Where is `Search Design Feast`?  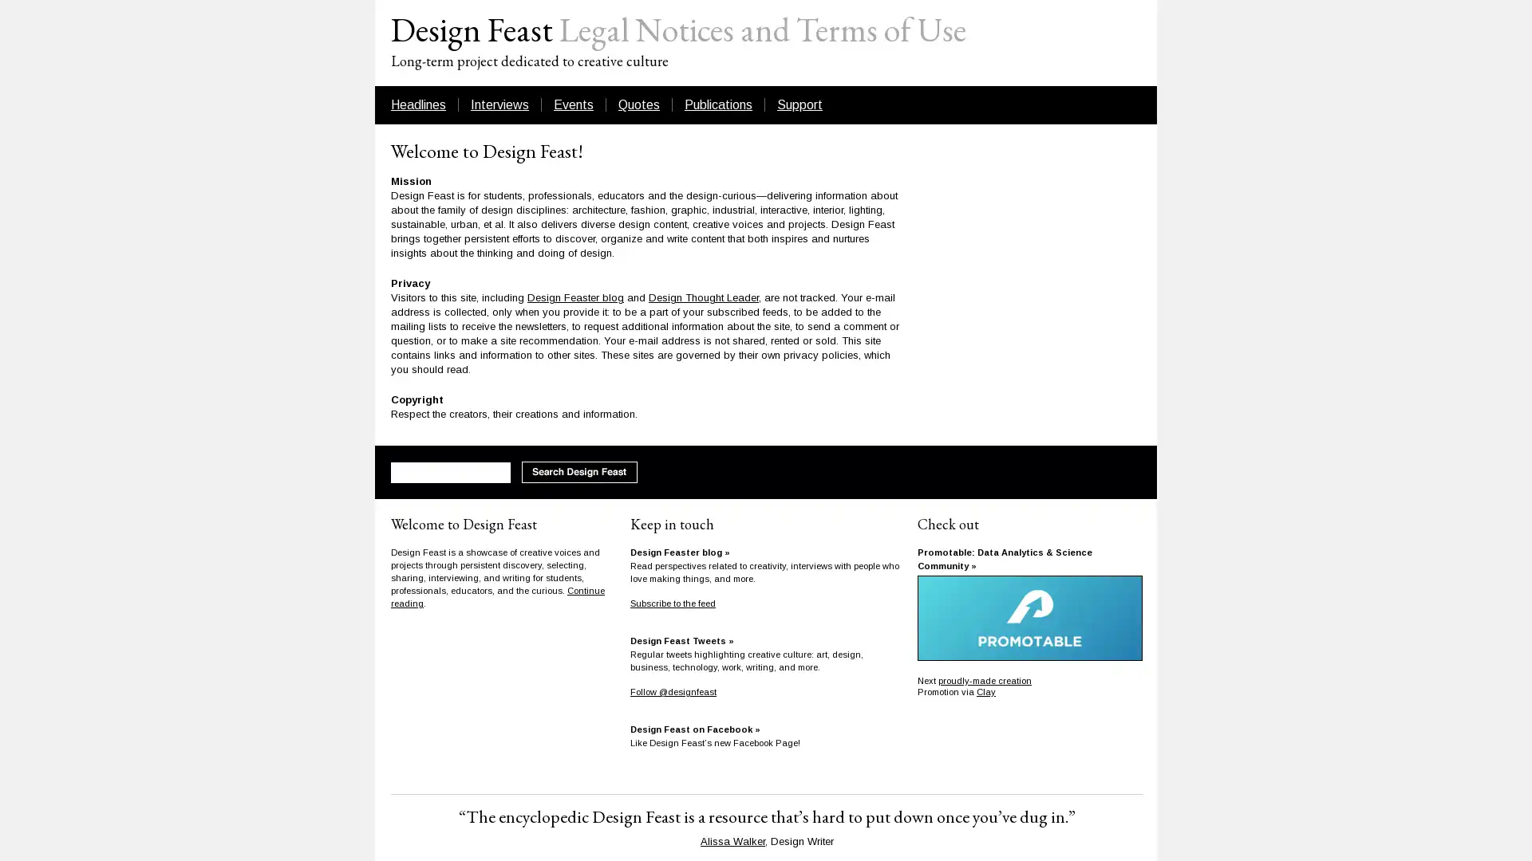 Search Design Feast is located at coordinates (578, 471).